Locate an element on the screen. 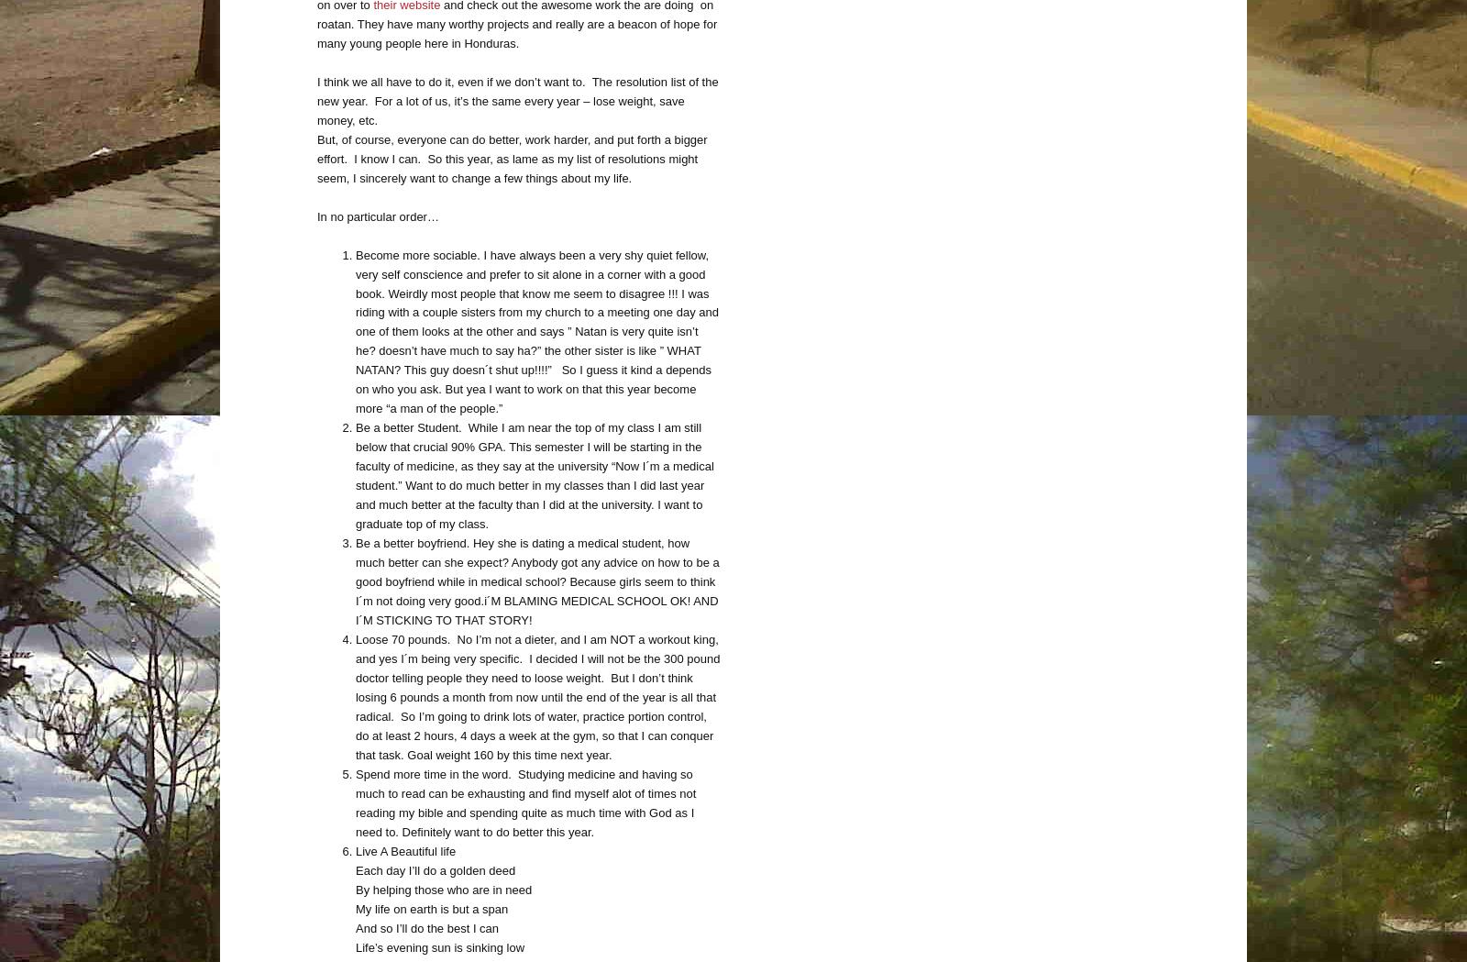 The width and height of the screenshot is (1467, 962). 'Each day I’ll do a golden deed' is located at coordinates (434, 870).